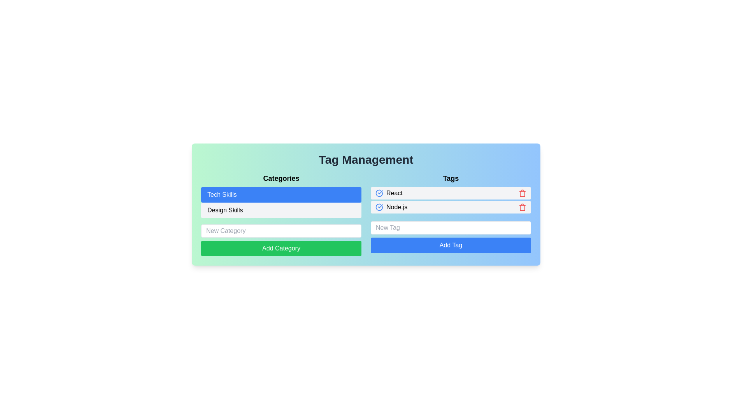 The height and width of the screenshot is (420, 747). Describe the element at coordinates (379, 193) in the screenshot. I see `the indicator icon representing a completed or selected state for the associated tag, located to the left of the 'React' text under 'Tags'` at that location.